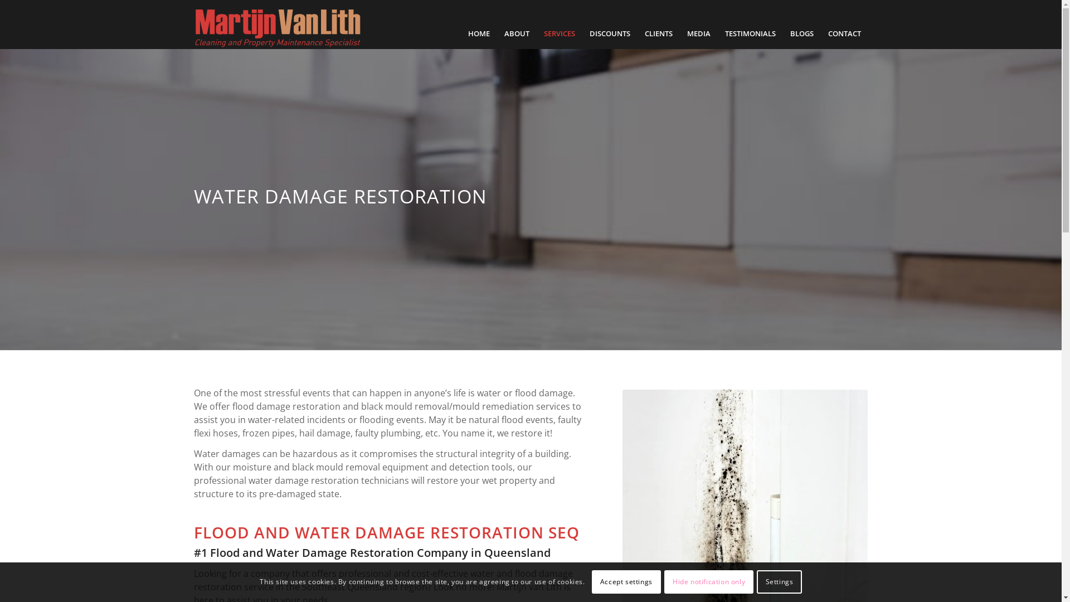 The image size is (1070, 602). I want to click on 'CONTACT', so click(844, 33).